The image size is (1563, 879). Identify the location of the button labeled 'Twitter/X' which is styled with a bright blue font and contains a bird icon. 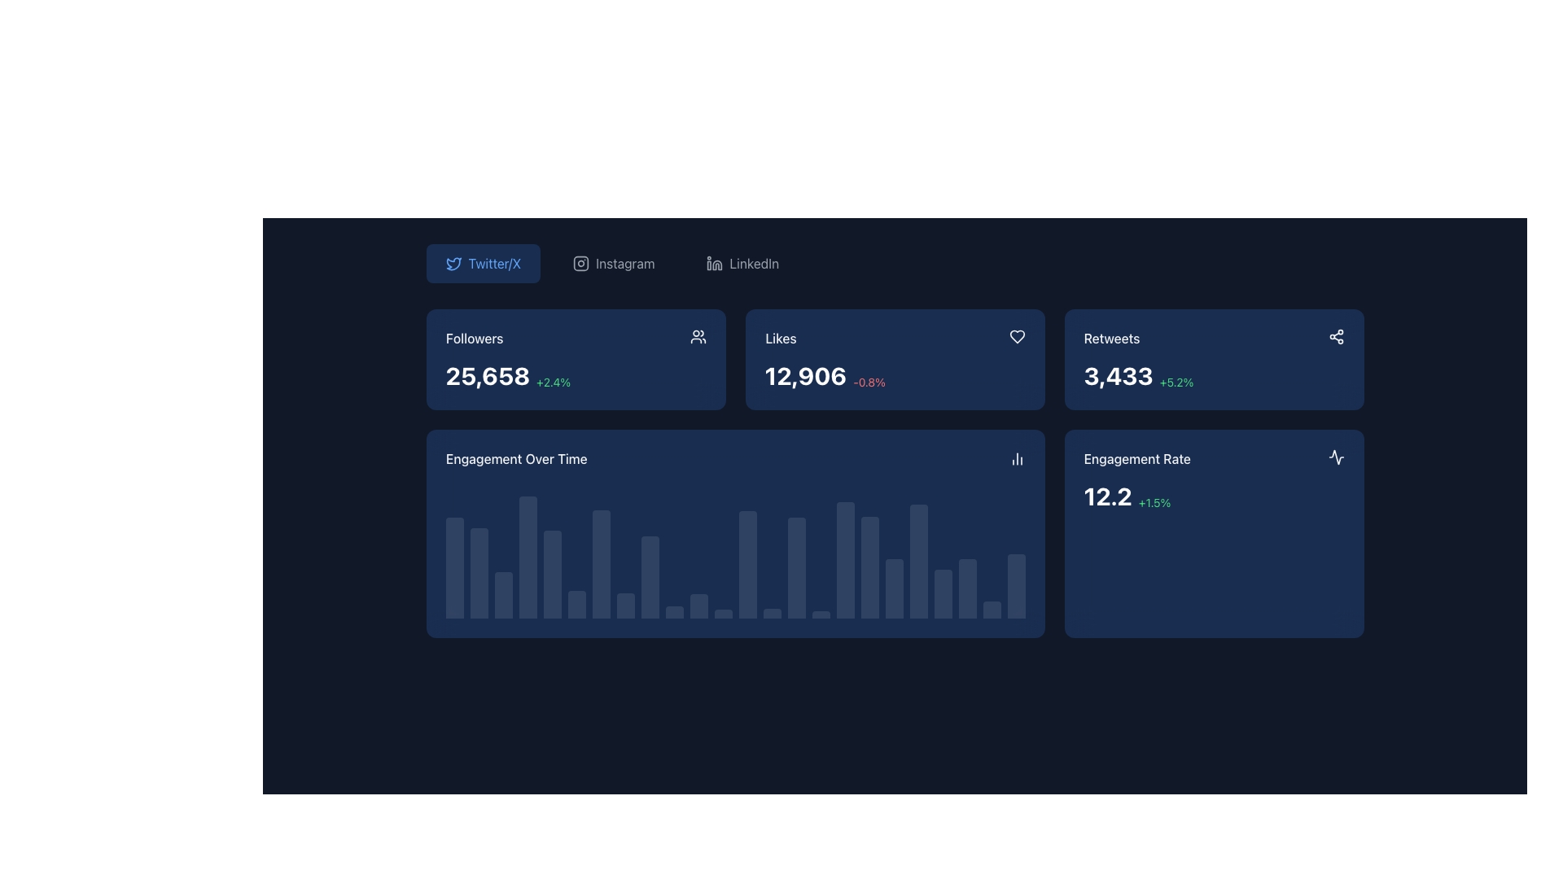
(493, 263).